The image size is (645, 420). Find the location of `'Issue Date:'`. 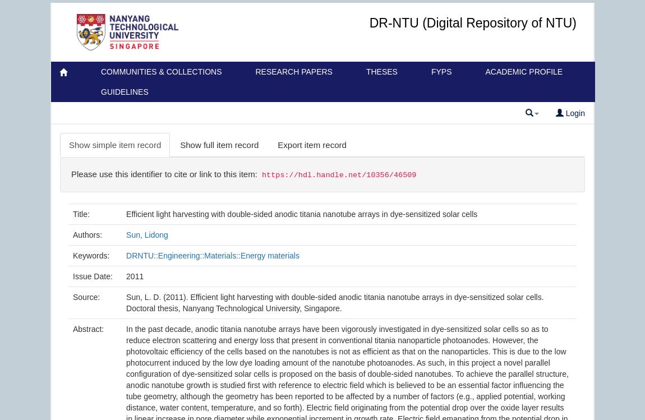

'Issue Date:' is located at coordinates (93, 275).